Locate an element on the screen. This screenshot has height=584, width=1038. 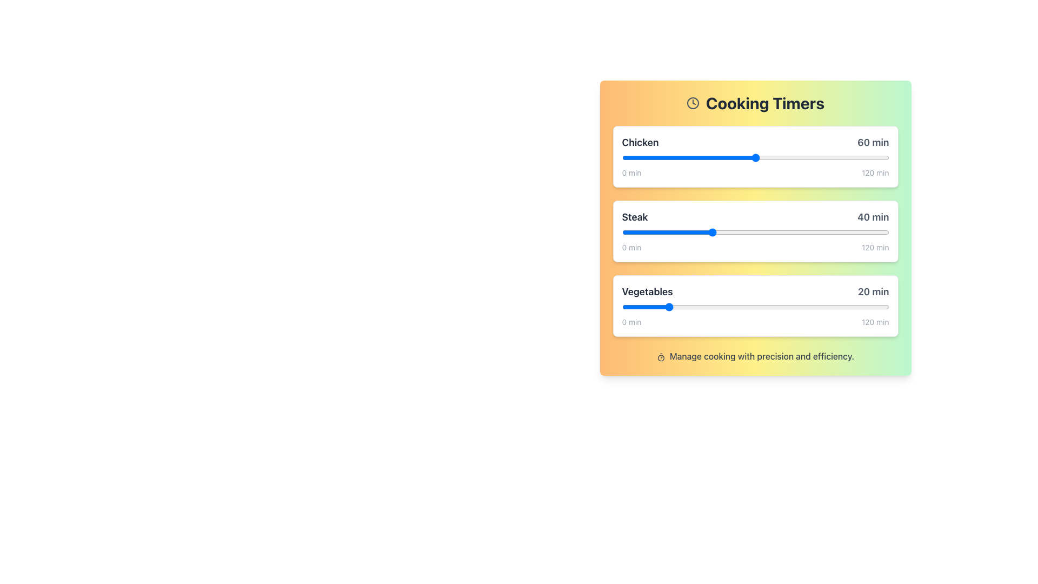
the text label that indicates the currently set time for the Chicken timer in minutes, positioned at the top right of the first timer section in the cooking timer interface is located at coordinates (873, 142).